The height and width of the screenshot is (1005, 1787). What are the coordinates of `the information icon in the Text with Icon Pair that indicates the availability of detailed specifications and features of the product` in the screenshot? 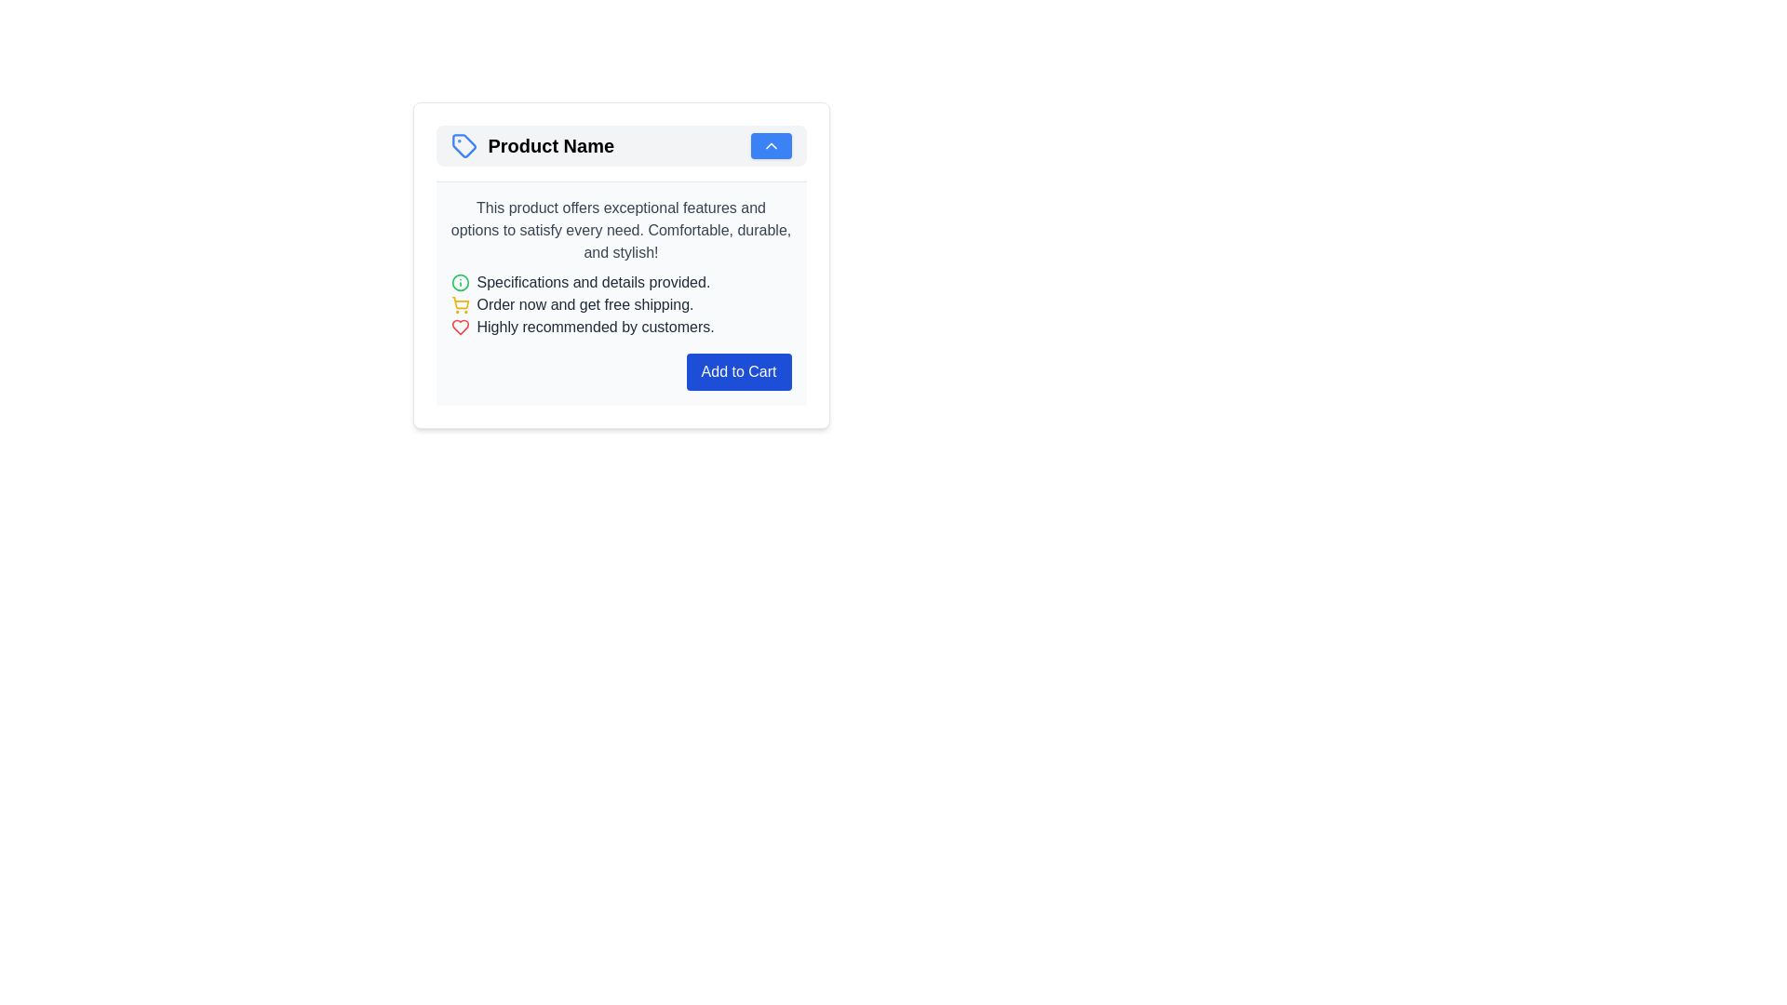 It's located at (621, 283).